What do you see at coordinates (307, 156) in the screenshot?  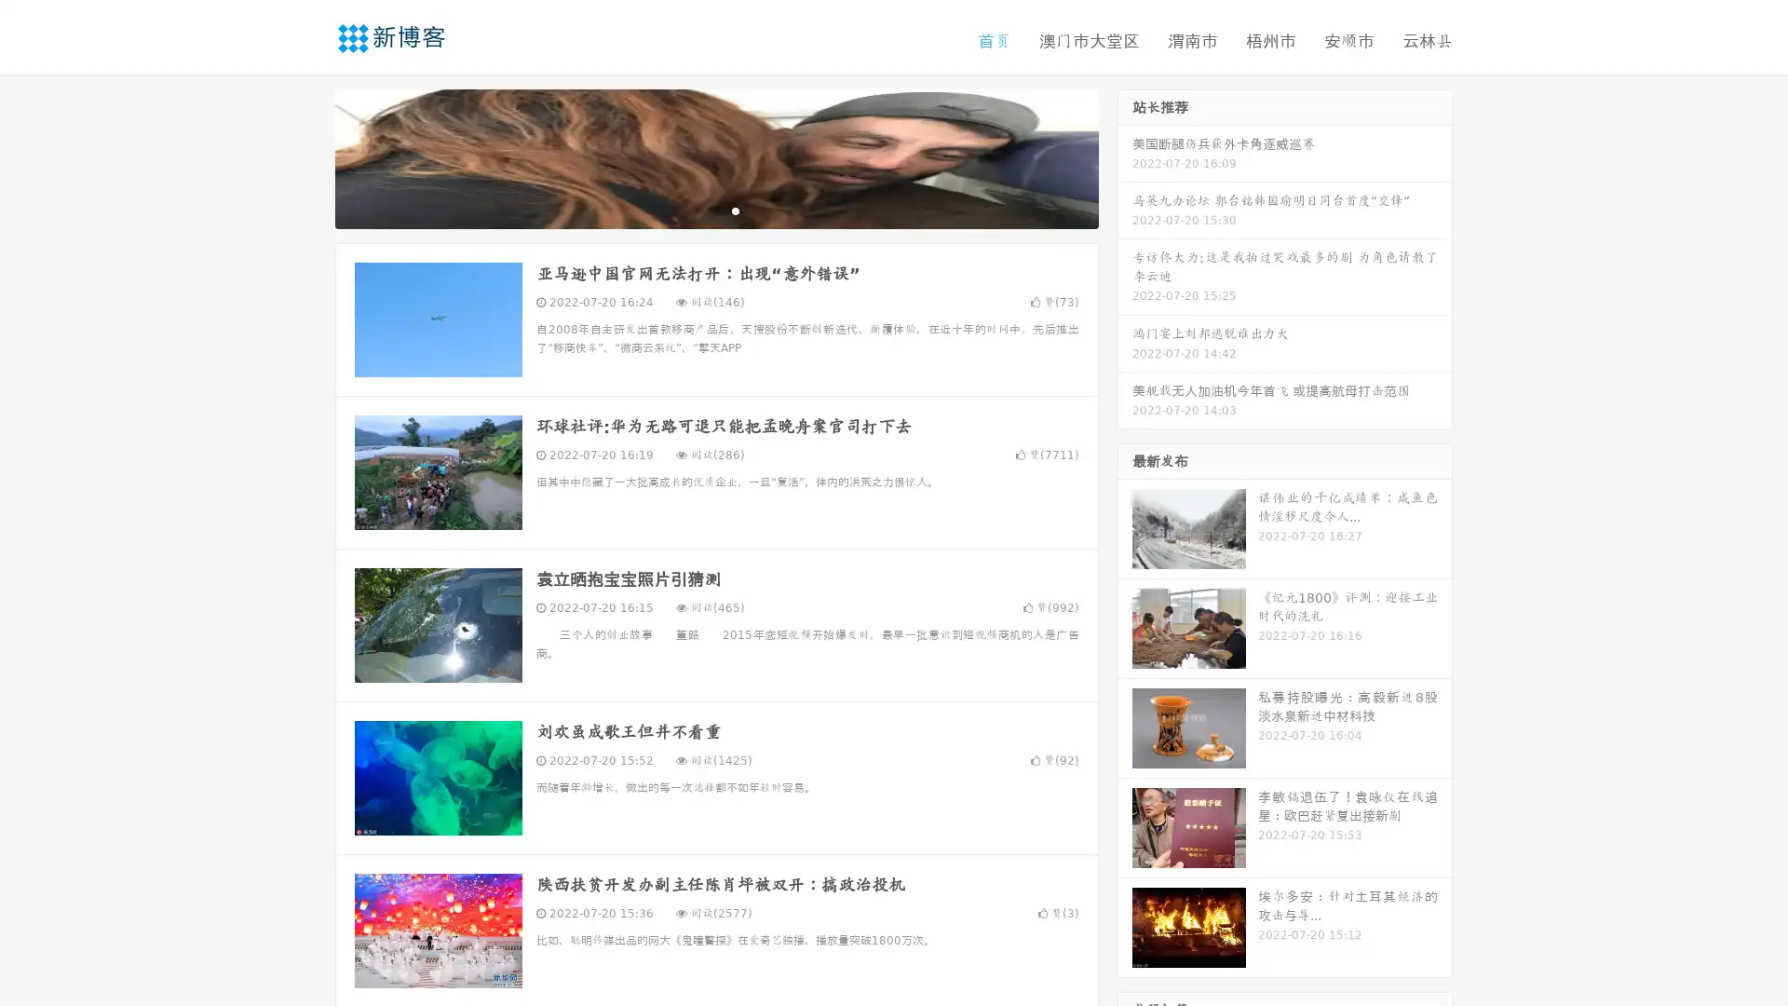 I see `Previous slide` at bounding box center [307, 156].